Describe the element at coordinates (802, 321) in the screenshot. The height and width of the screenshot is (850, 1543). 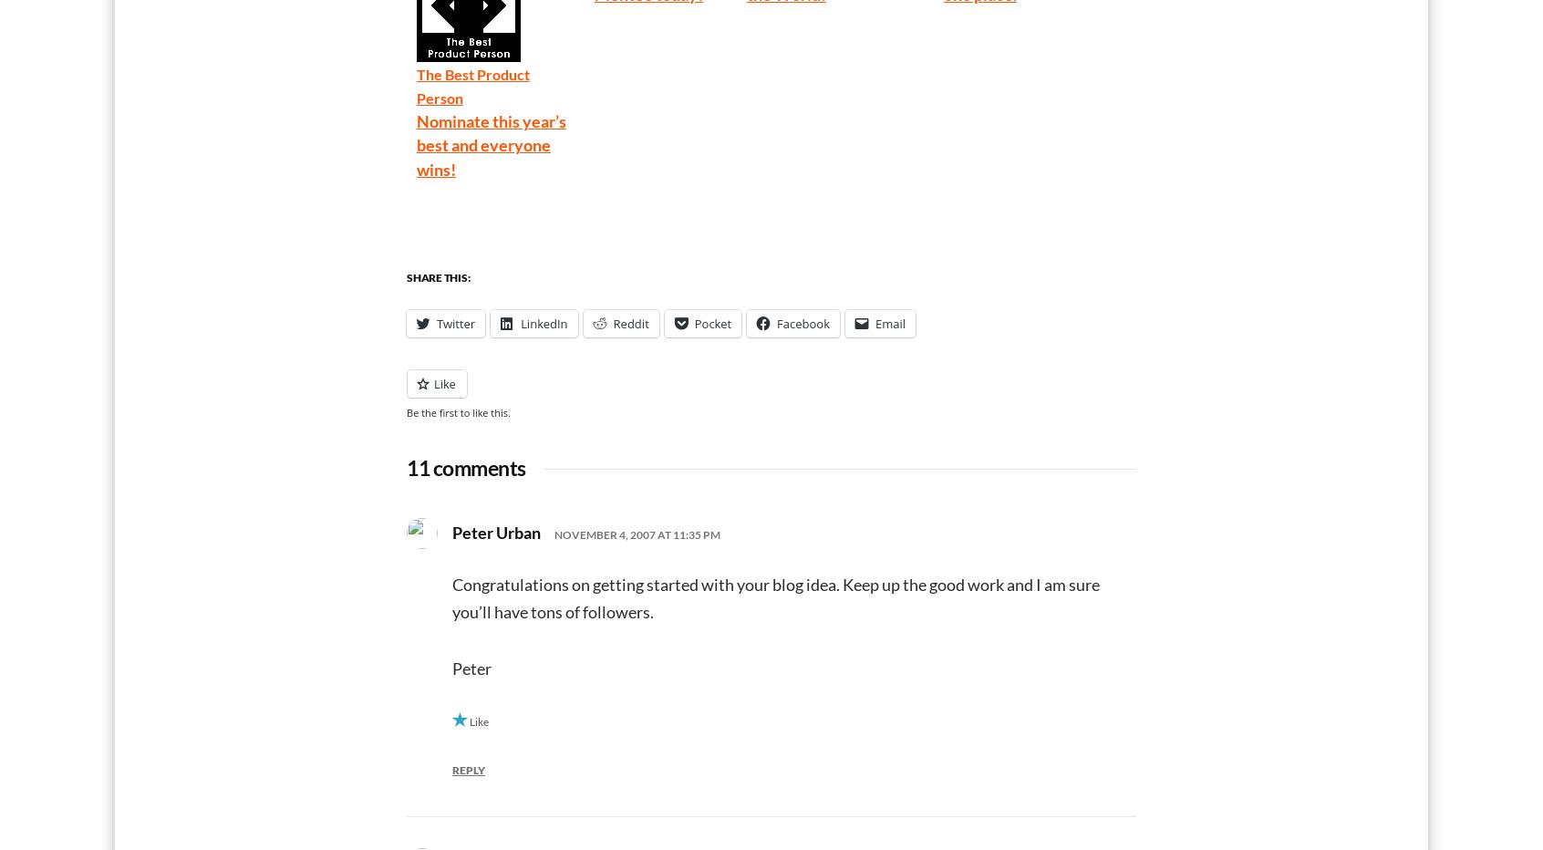
I see `'Facebook'` at that location.